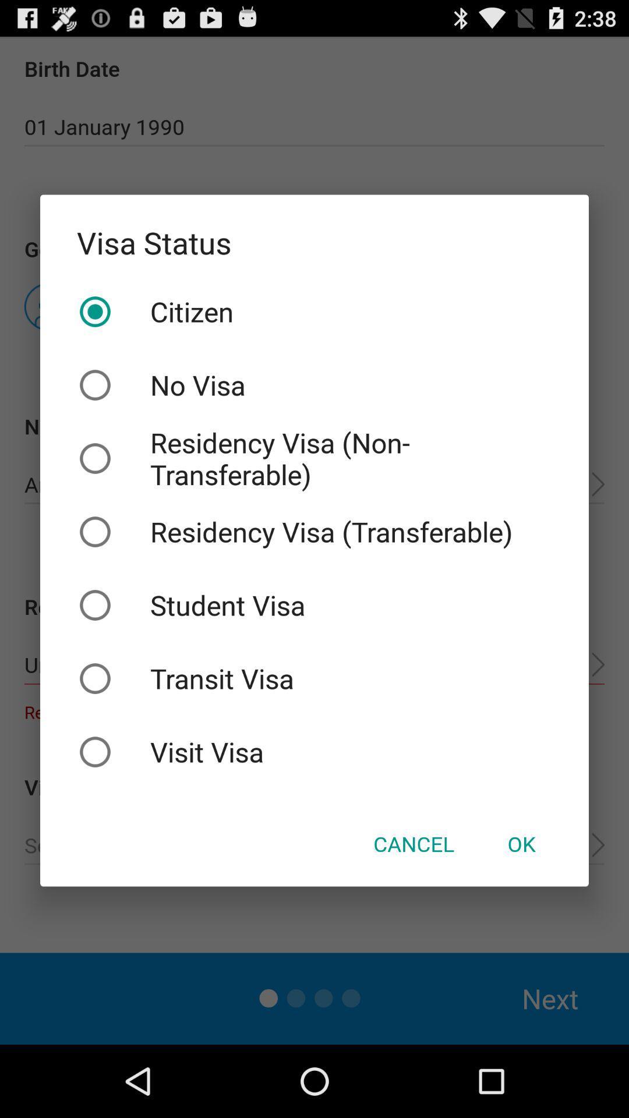 The height and width of the screenshot is (1118, 629). I want to click on the icon to the left of ok, so click(413, 844).